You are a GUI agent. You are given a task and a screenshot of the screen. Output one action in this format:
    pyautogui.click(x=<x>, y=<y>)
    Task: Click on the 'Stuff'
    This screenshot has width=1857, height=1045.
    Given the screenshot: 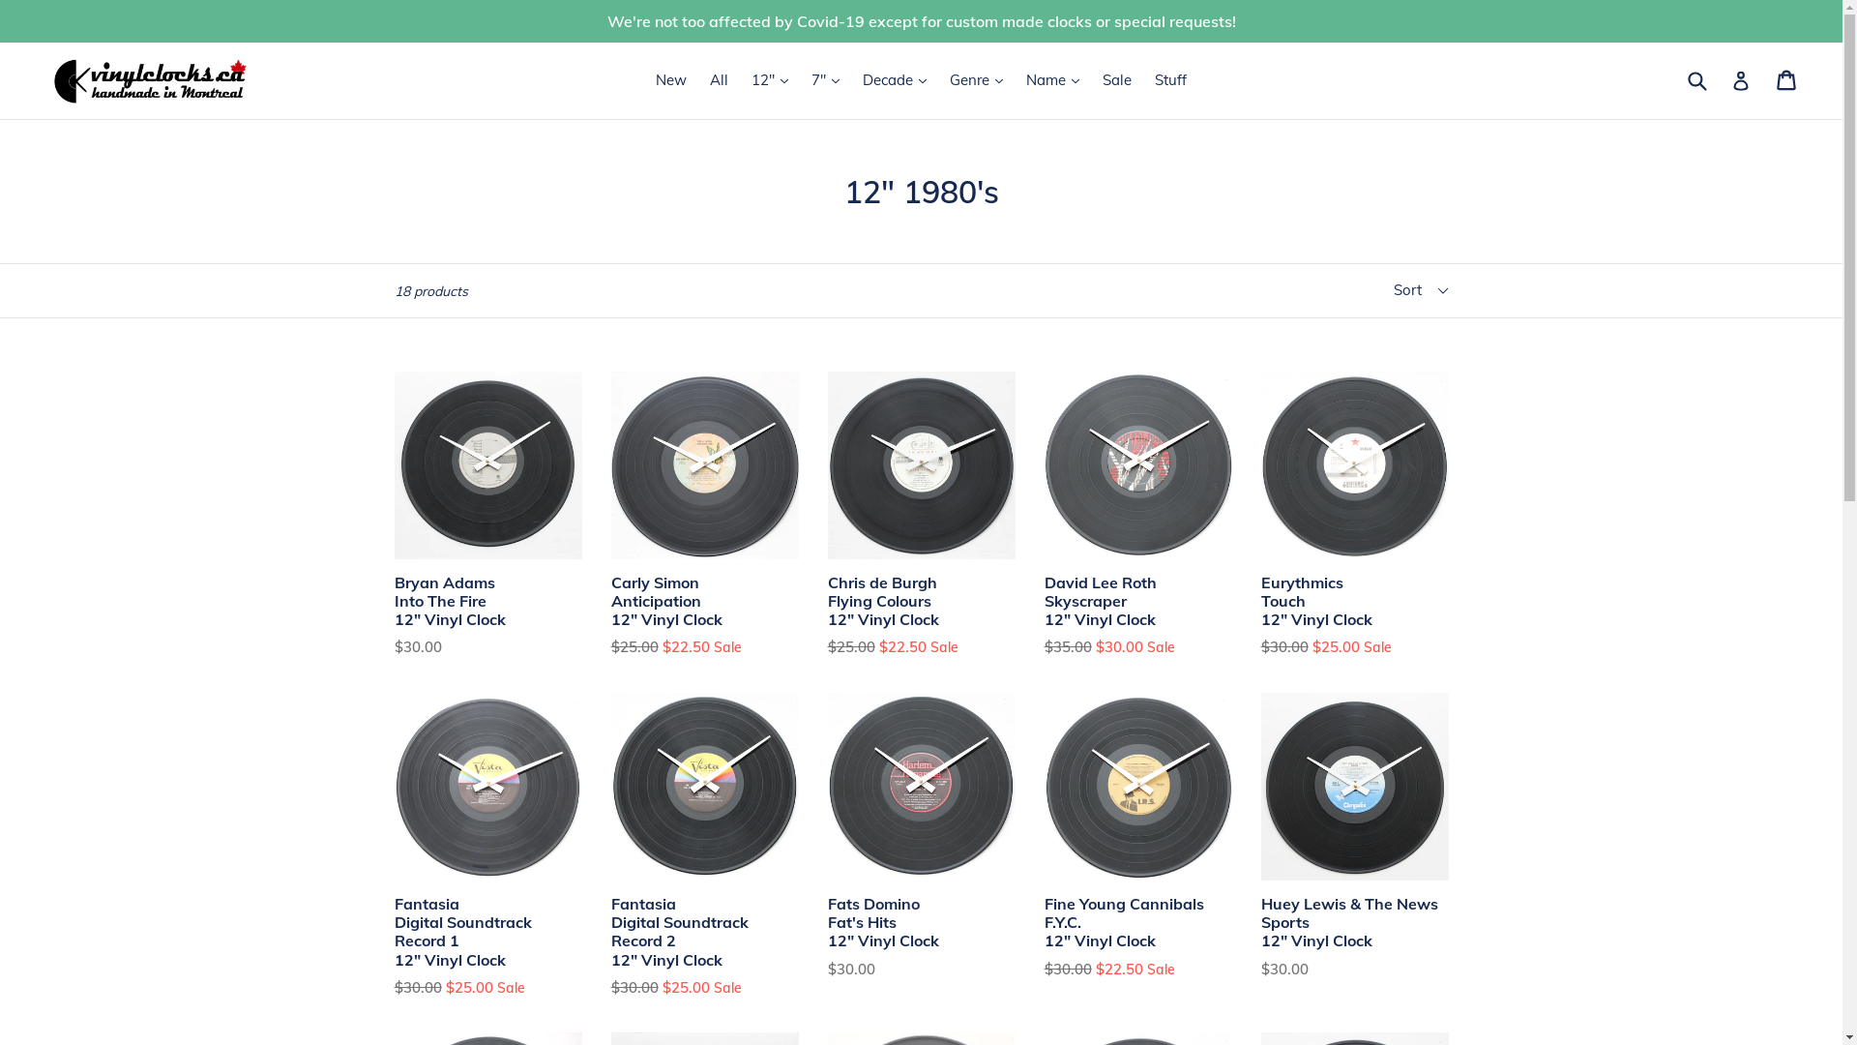 What is the action you would take?
    pyautogui.click(x=1169, y=79)
    